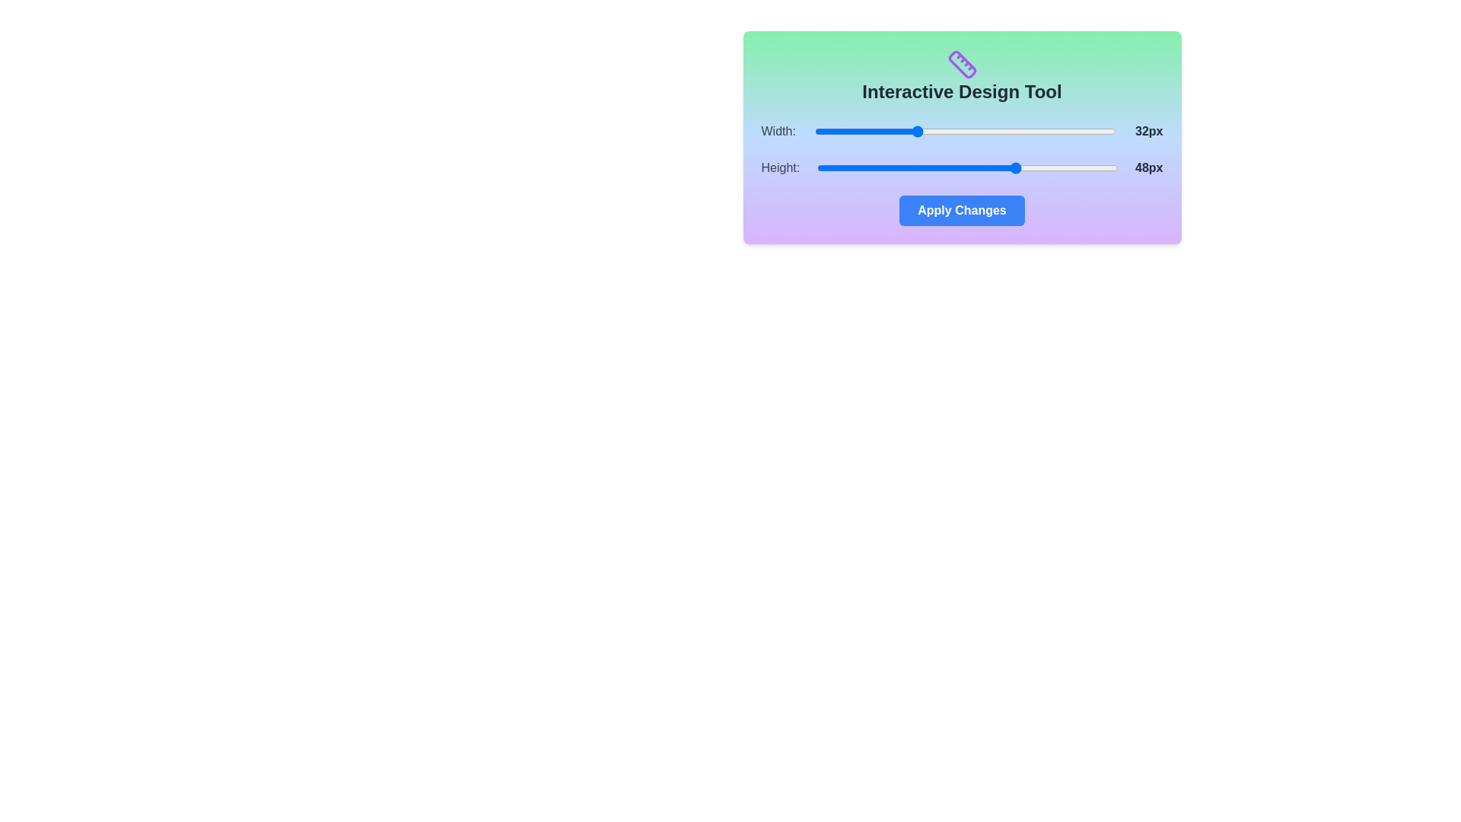  I want to click on the 'Apply Changes' button to confirm changes, so click(961, 211).